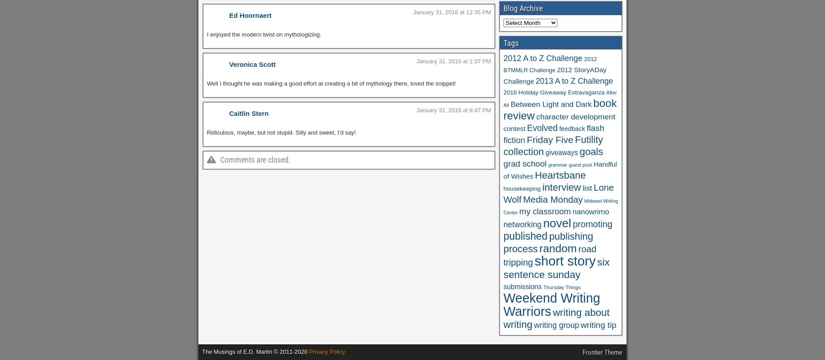  What do you see at coordinates (586, 188) in the screenshot?
I see `'list'` at bounding box center [586, 188].